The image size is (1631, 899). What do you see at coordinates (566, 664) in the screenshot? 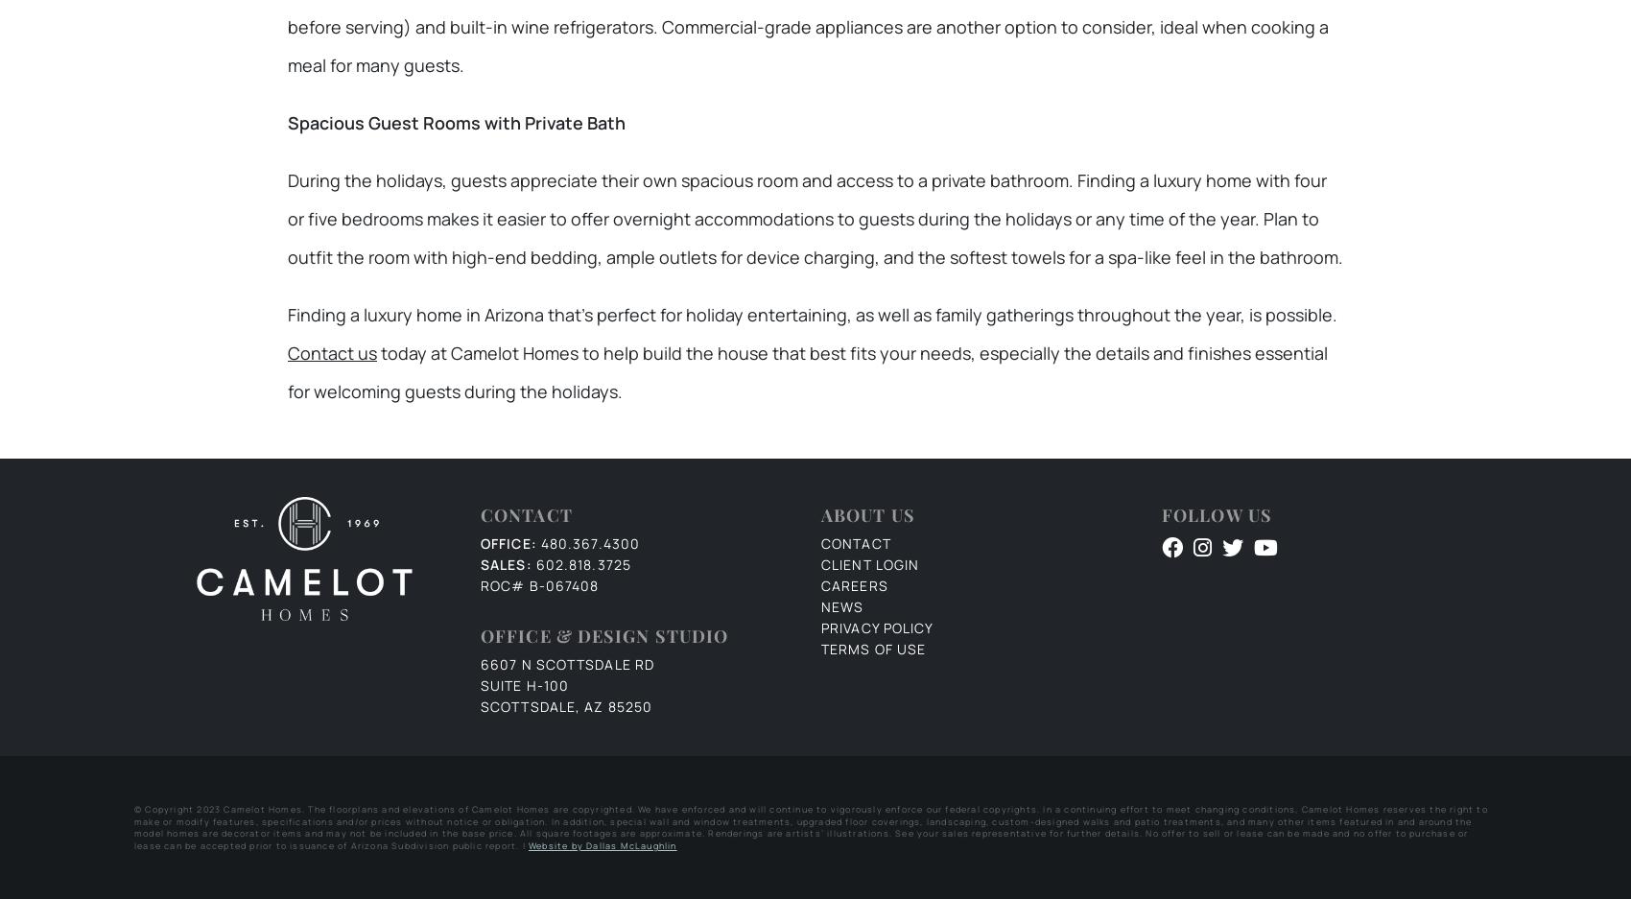
I see `'6607 N Scottsdale Rd'` at bounding box center [566, 664].